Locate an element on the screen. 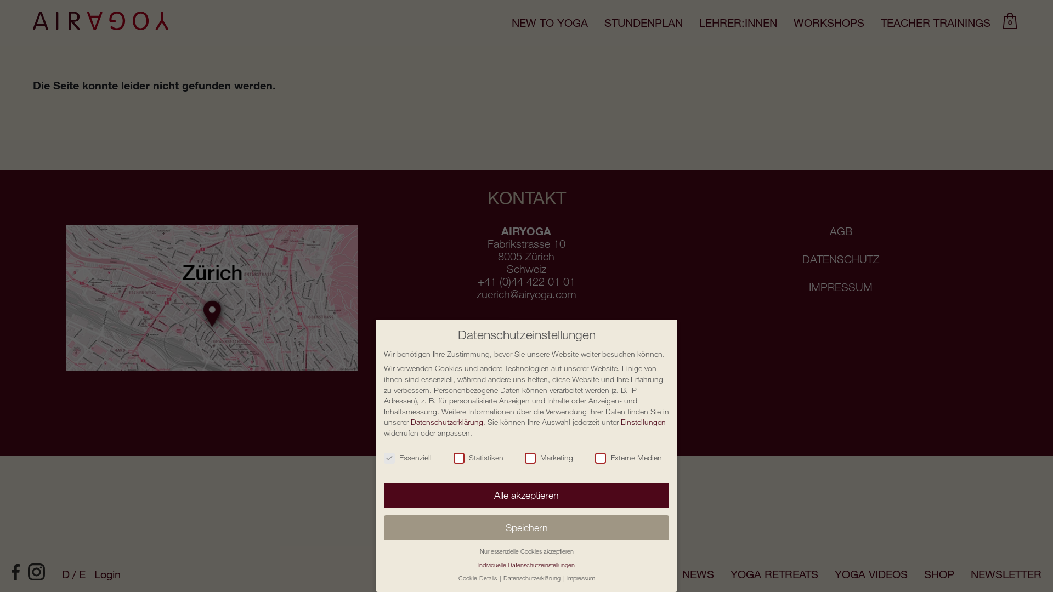  'E' is located at coordinates (81, 573).